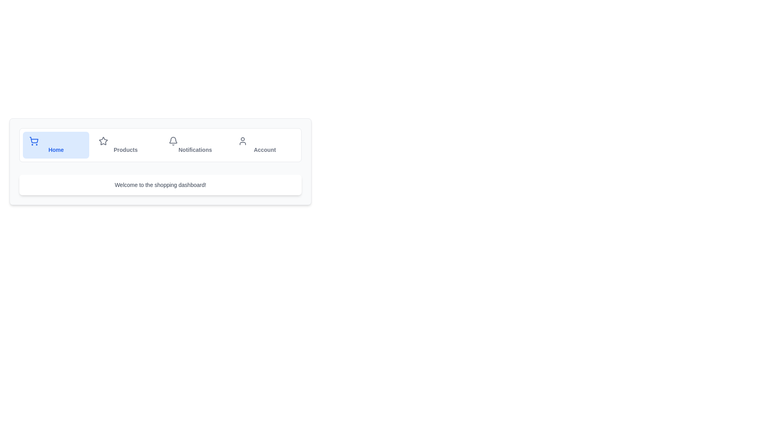 The height and width of the screenshot is (426, 758). I want to click on the bell icon in the navigation bar, so click(173, 141).